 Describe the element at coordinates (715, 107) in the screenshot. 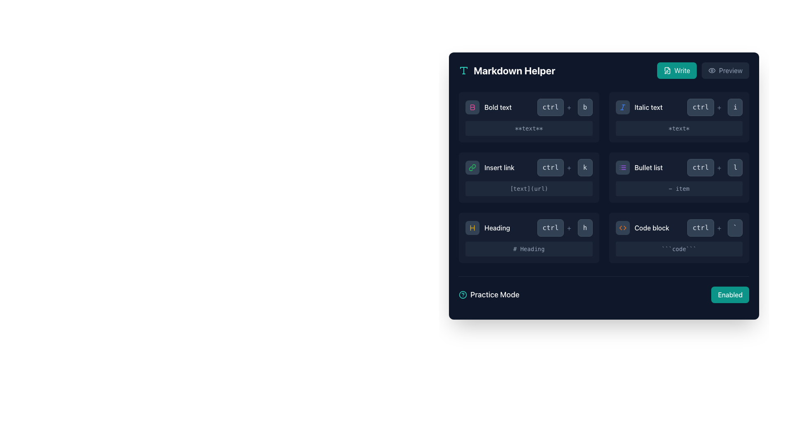

I see `the static display group that shows the keyboard shortcut ('ctrl + i') for italicizing text, positioned to the right of the 'Italic text' label` at that location.